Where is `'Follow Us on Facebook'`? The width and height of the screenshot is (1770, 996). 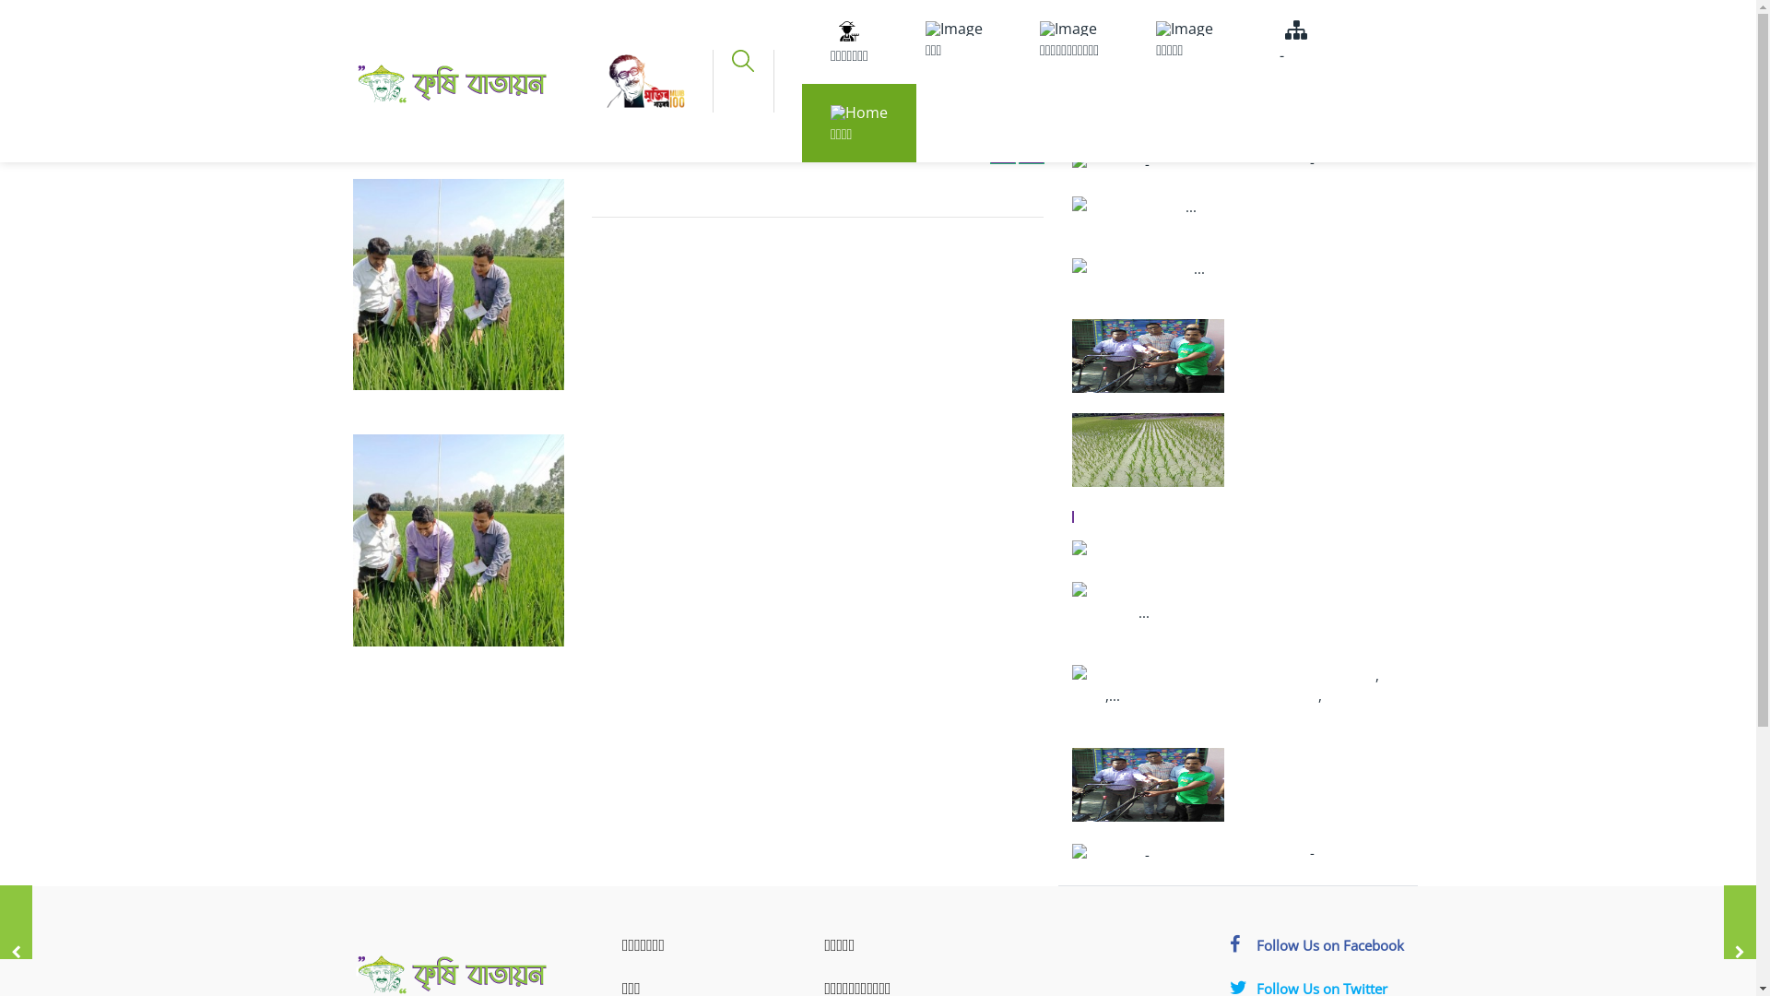
'Follow Us on Facebook' is located at coordinates (1316, 945).